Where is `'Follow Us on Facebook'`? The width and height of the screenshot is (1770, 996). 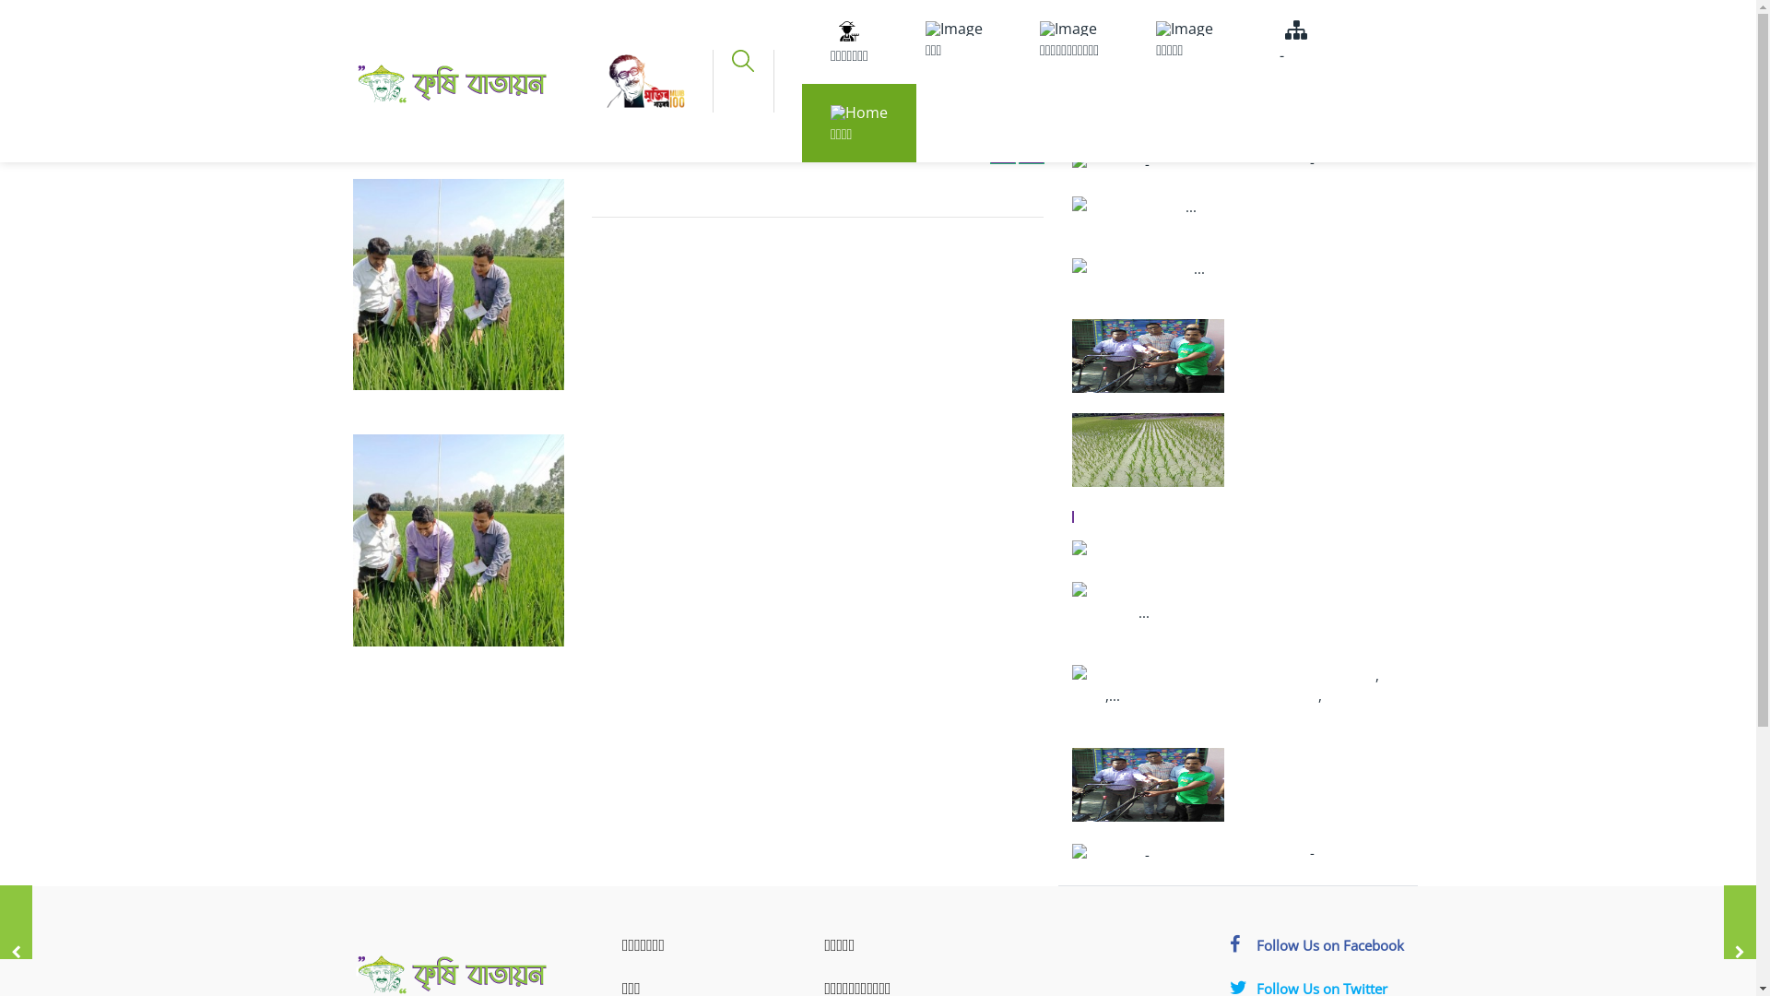
'Follow Us on Facebook' is located at coordinates (1316, 945).